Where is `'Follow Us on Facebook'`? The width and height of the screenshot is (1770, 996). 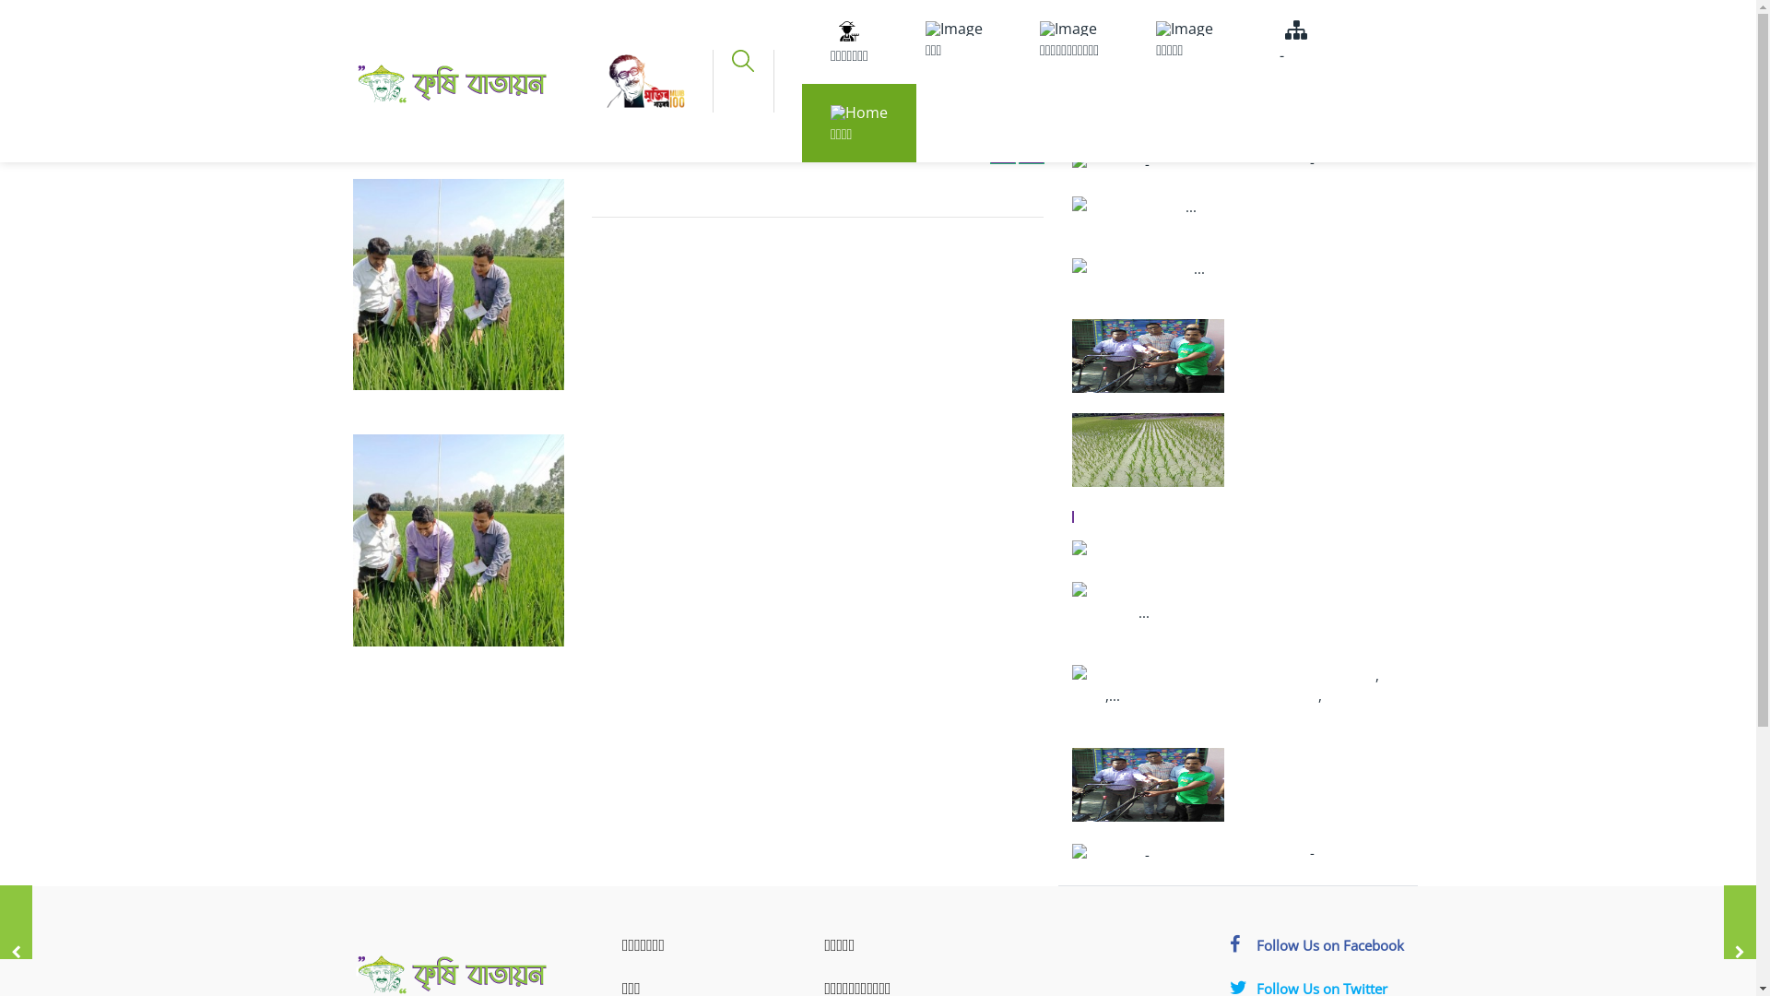
'Follow Us on Facebook' is located at coordinates (1316, 945).